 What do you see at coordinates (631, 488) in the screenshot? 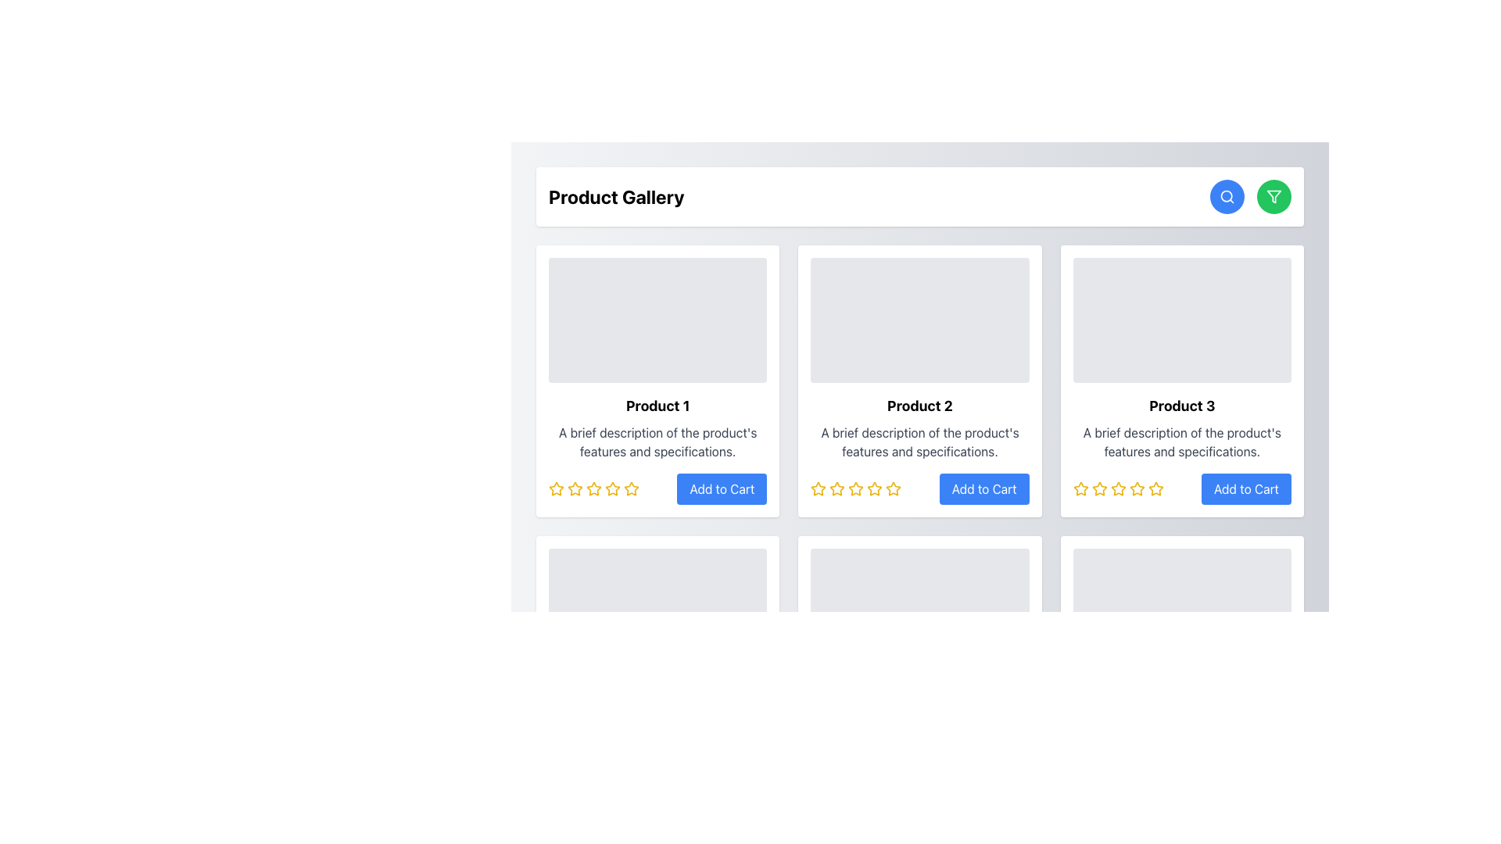
I see `the fifth star icon representing the highest rating for 'Product 1' in the Product Gallery` at bounding box center [631, 488].